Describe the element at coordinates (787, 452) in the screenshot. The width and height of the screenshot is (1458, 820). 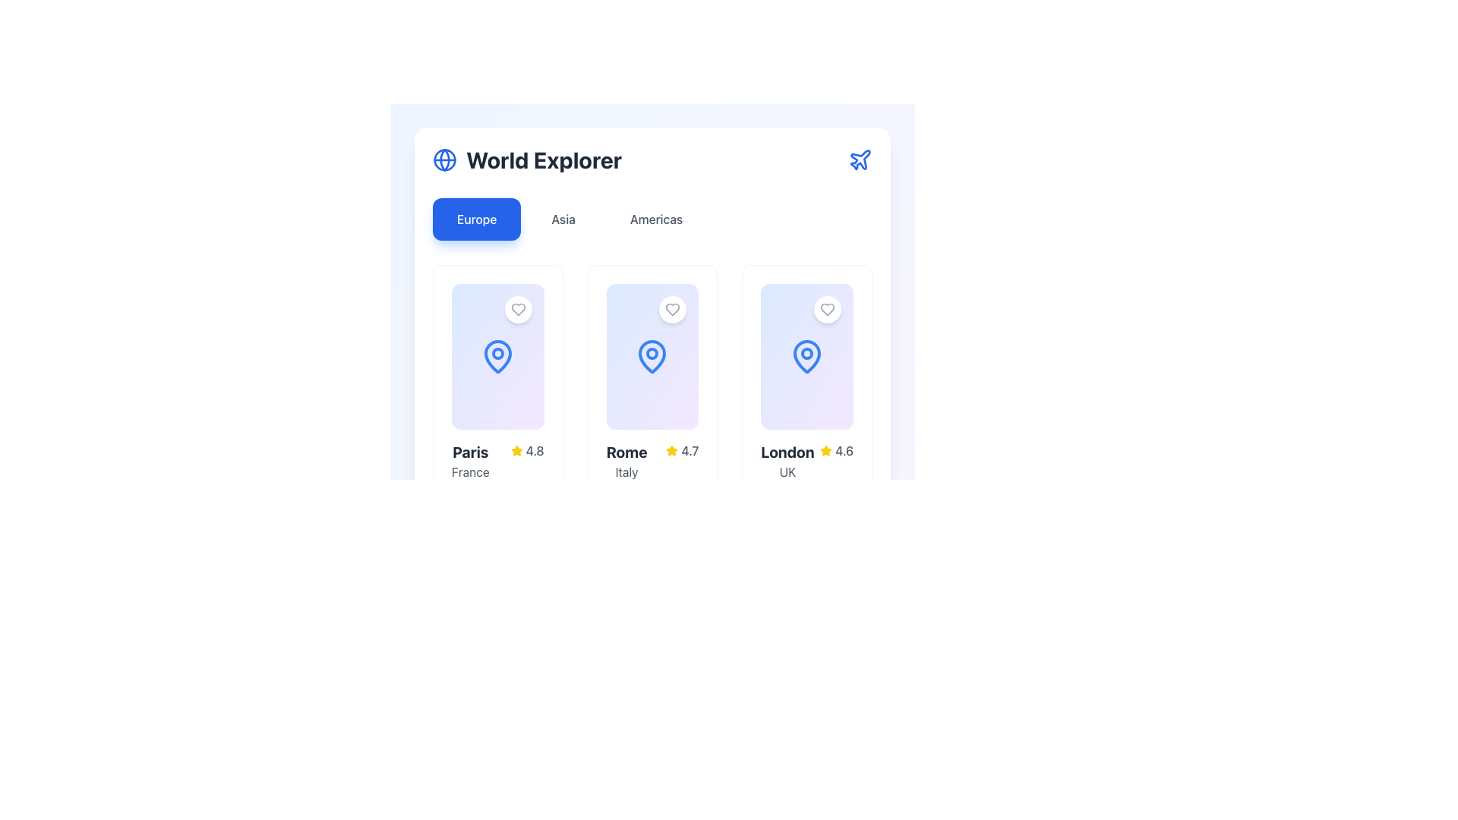
I see `the 'London' text label, which serves as the name of a travel destination in the Europe tab, to interact with its associated features` at that location.